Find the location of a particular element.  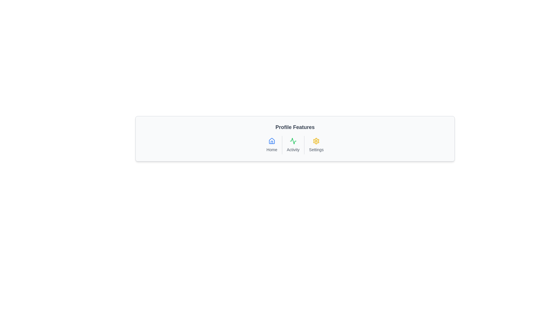

the 'Settings' text label located in the lower part of the interface, which is the rightmost label in a triplet that includes 'Home', 'Activity', and 'Settings'. It is aligned vertically beneath a yellow gear icon is located at coordinates (316, 149).